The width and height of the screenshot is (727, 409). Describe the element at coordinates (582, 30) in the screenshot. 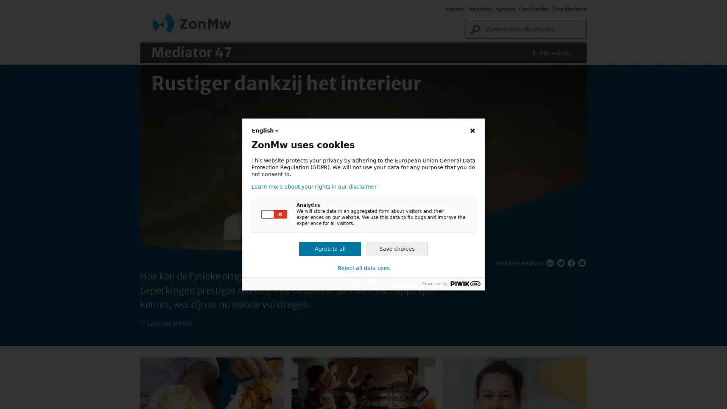

I see `Zoek` at that location.